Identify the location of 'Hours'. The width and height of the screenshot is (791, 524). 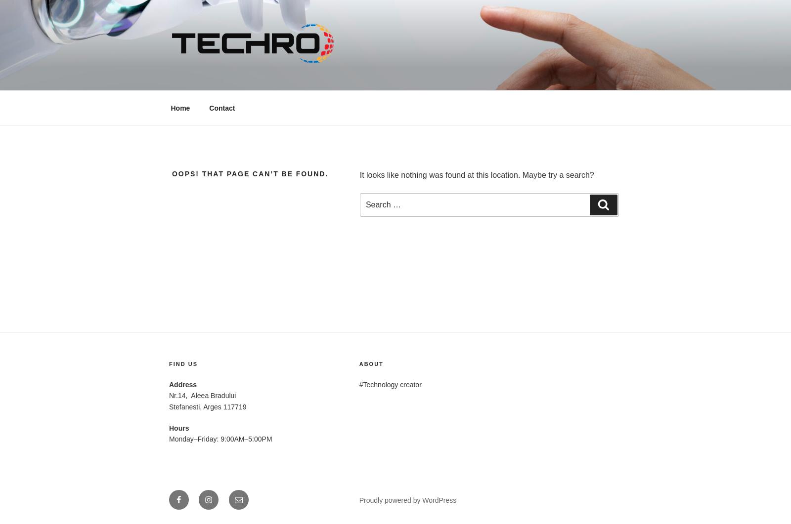
(169, 427).